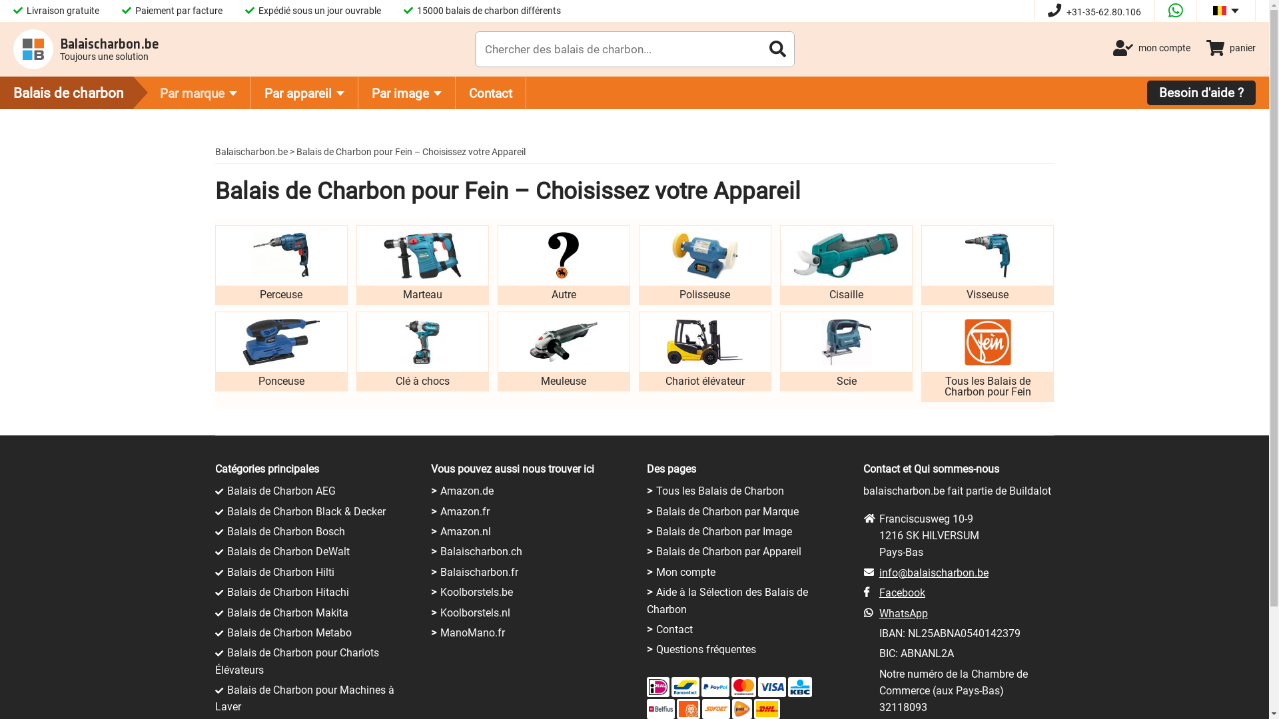 The width and height of the screenshot is (1279, 719). Describe the element at coordinates (685, 571) in the screenshot. I see `'Mon compte'` at that location.